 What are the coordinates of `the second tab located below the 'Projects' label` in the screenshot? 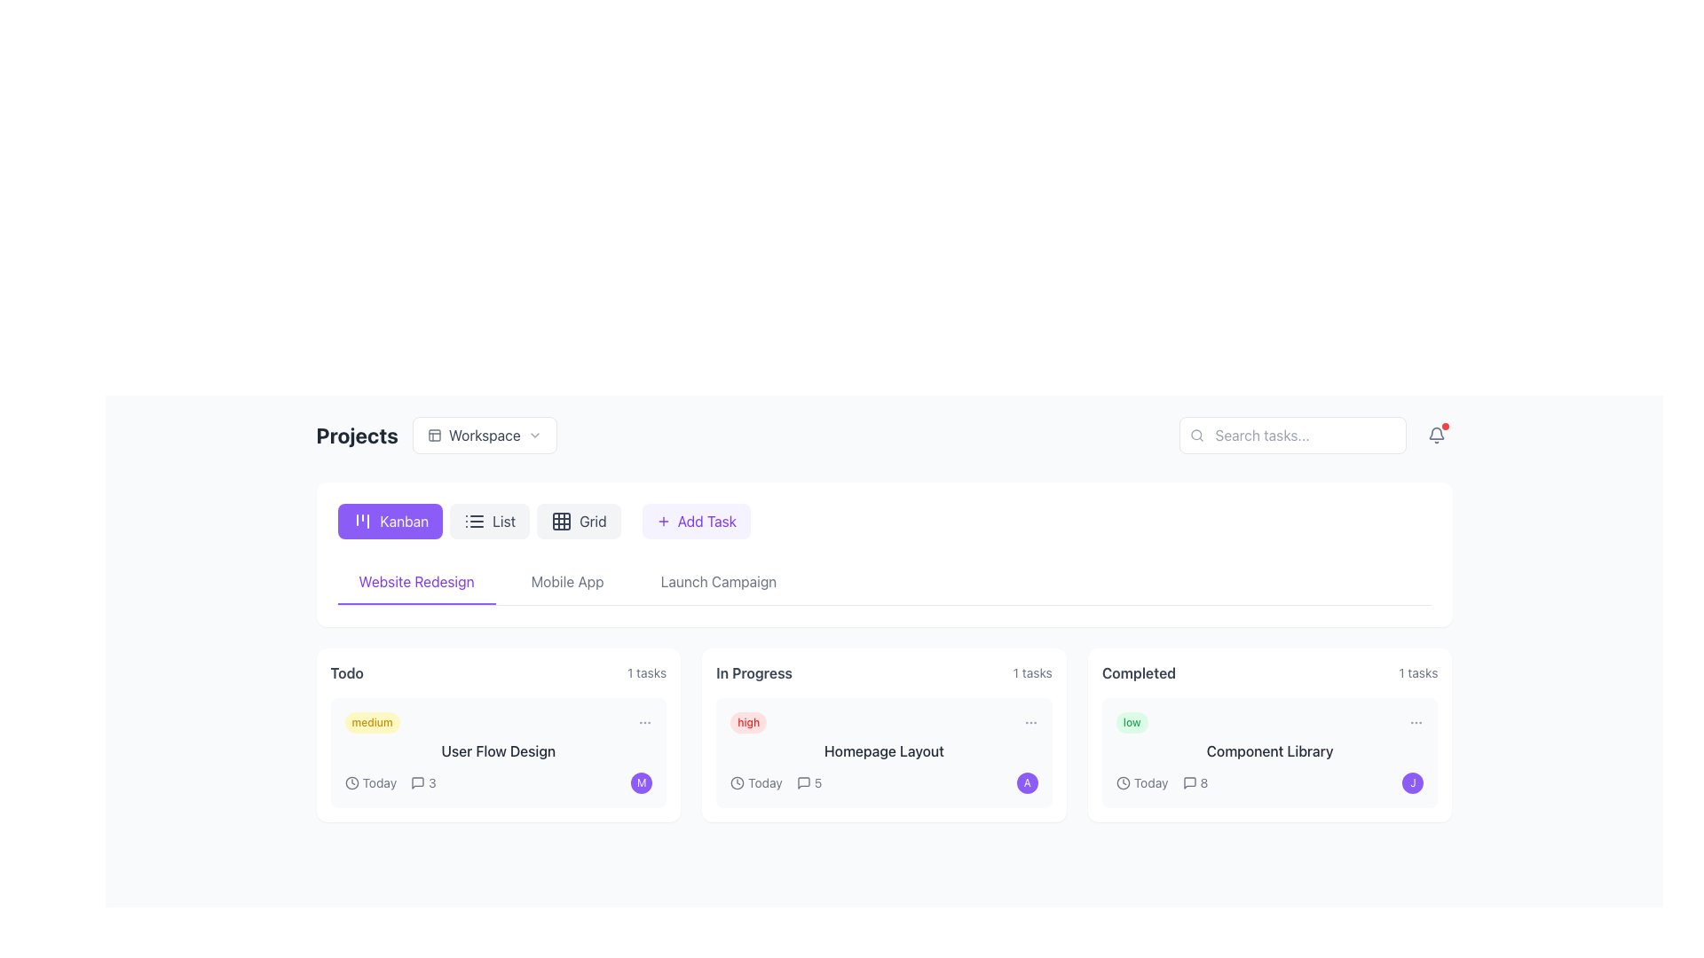 It's located at (566, 582).